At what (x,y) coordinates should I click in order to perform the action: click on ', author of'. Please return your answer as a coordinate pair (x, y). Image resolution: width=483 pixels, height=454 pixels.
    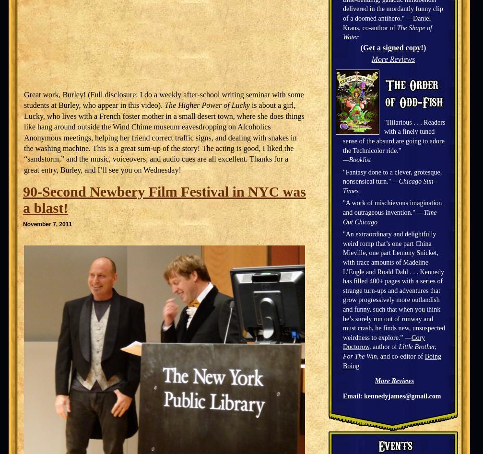
    Looking at the image, I should click on (368, 346).